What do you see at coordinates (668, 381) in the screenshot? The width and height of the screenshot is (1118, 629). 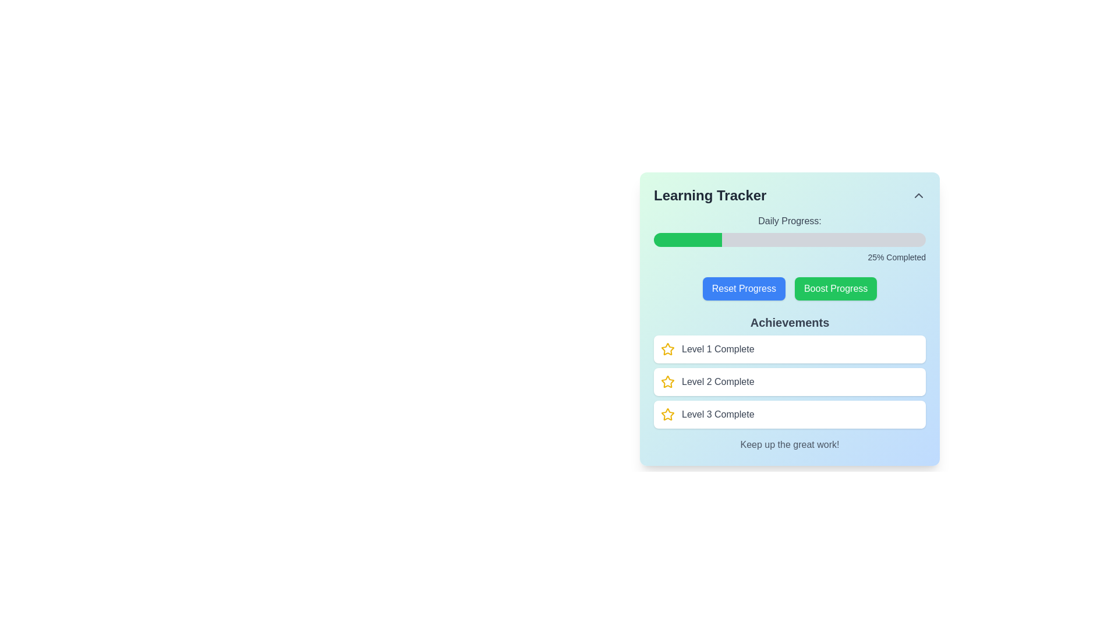 I see `the first star icon in the 'Achievements' section, which indicates the completion of 'Level 1'` at bounding box center [668, 381].